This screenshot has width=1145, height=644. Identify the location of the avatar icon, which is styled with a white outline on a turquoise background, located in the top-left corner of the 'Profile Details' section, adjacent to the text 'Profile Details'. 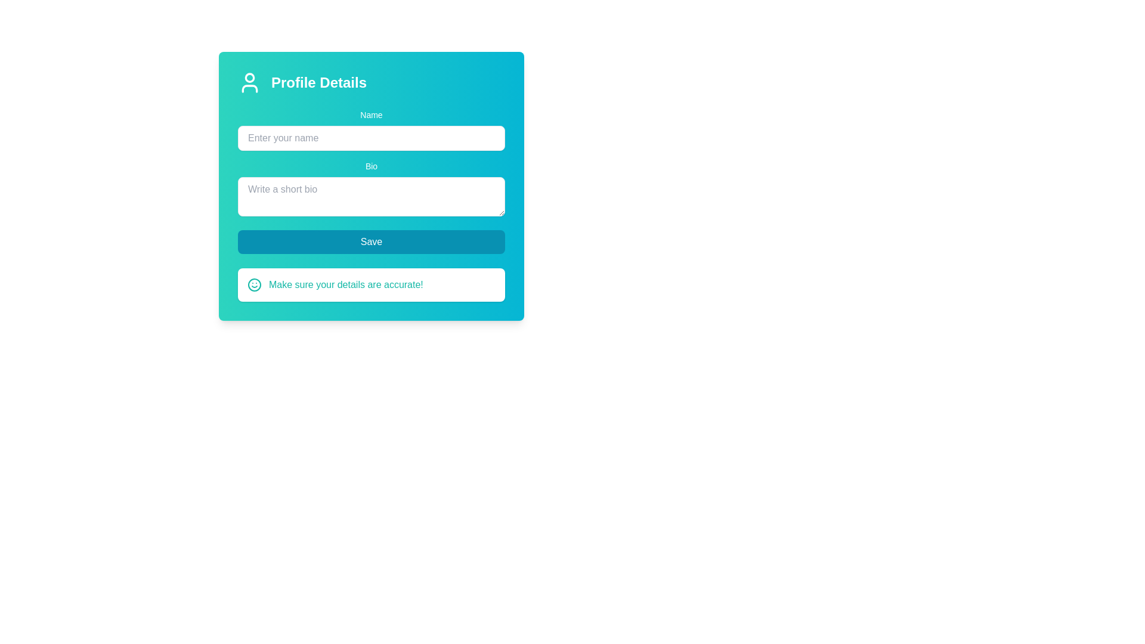
(249, 82).